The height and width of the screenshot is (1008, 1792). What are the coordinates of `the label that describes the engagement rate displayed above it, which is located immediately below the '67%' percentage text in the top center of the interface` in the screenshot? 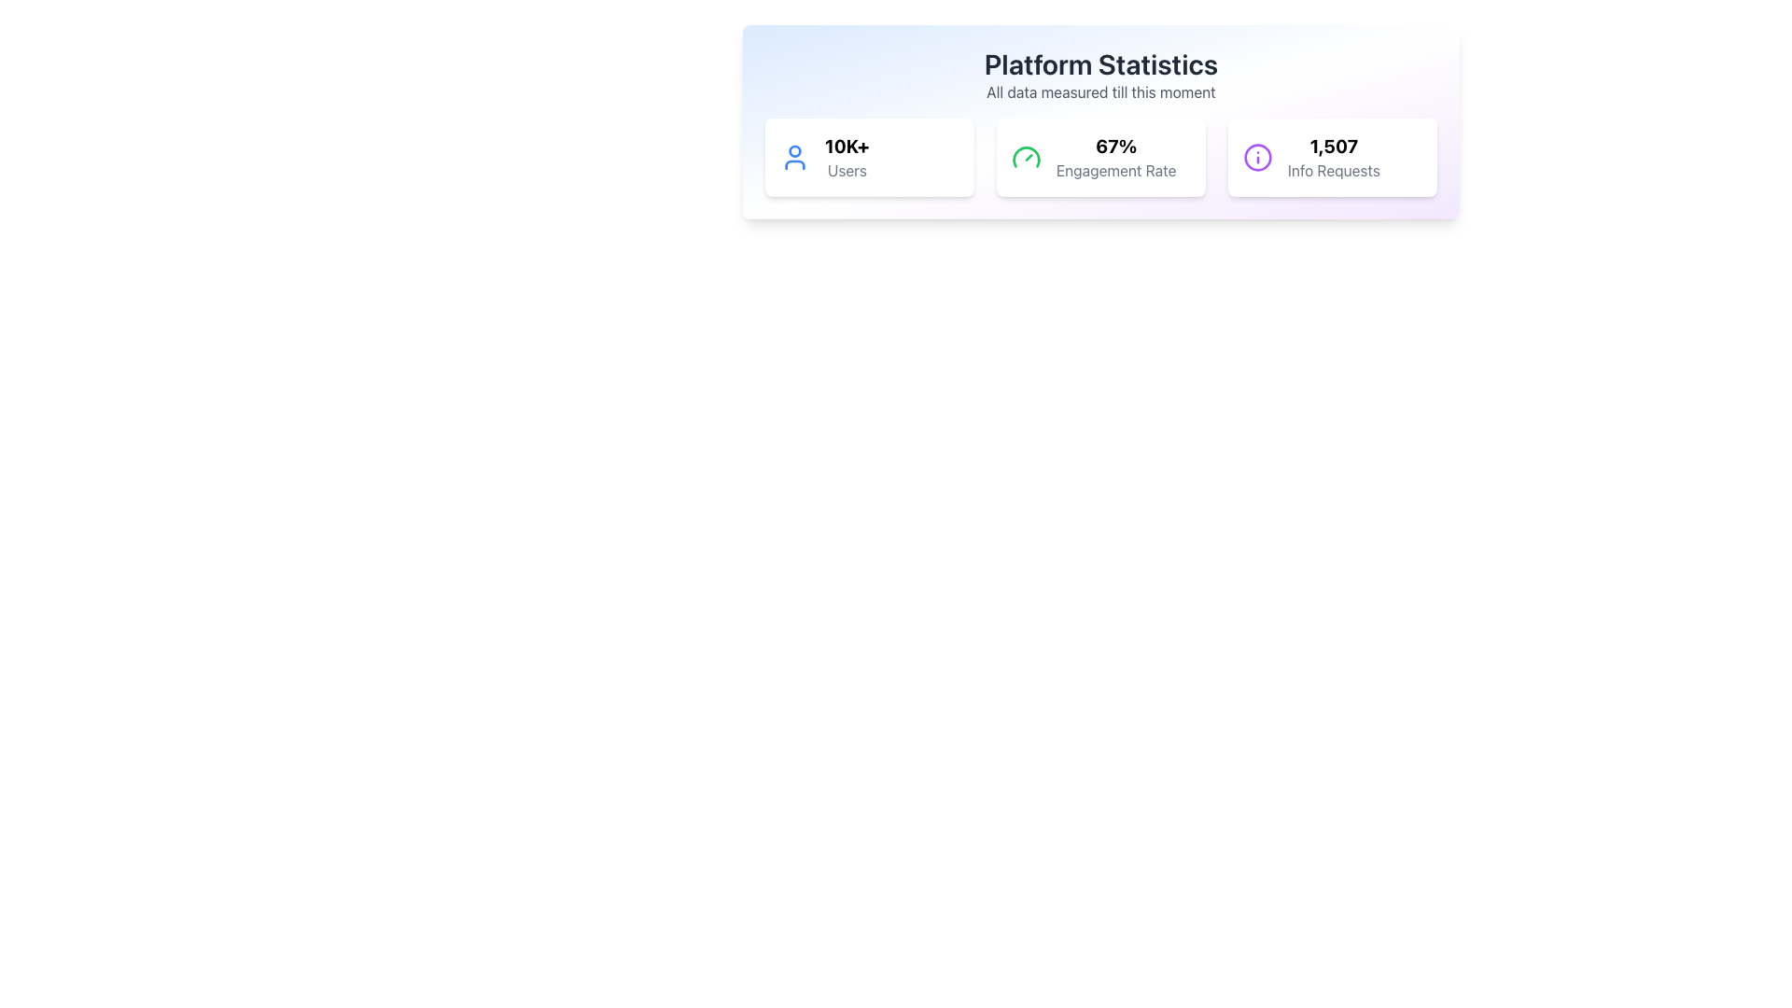 It's located at (1116, 170).